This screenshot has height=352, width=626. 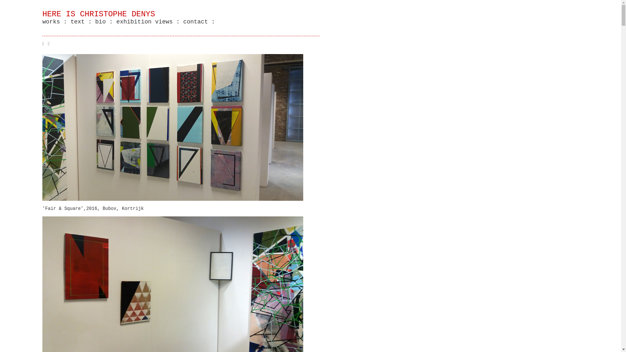 I want to click on 'text :', so click(x=79, y=21).